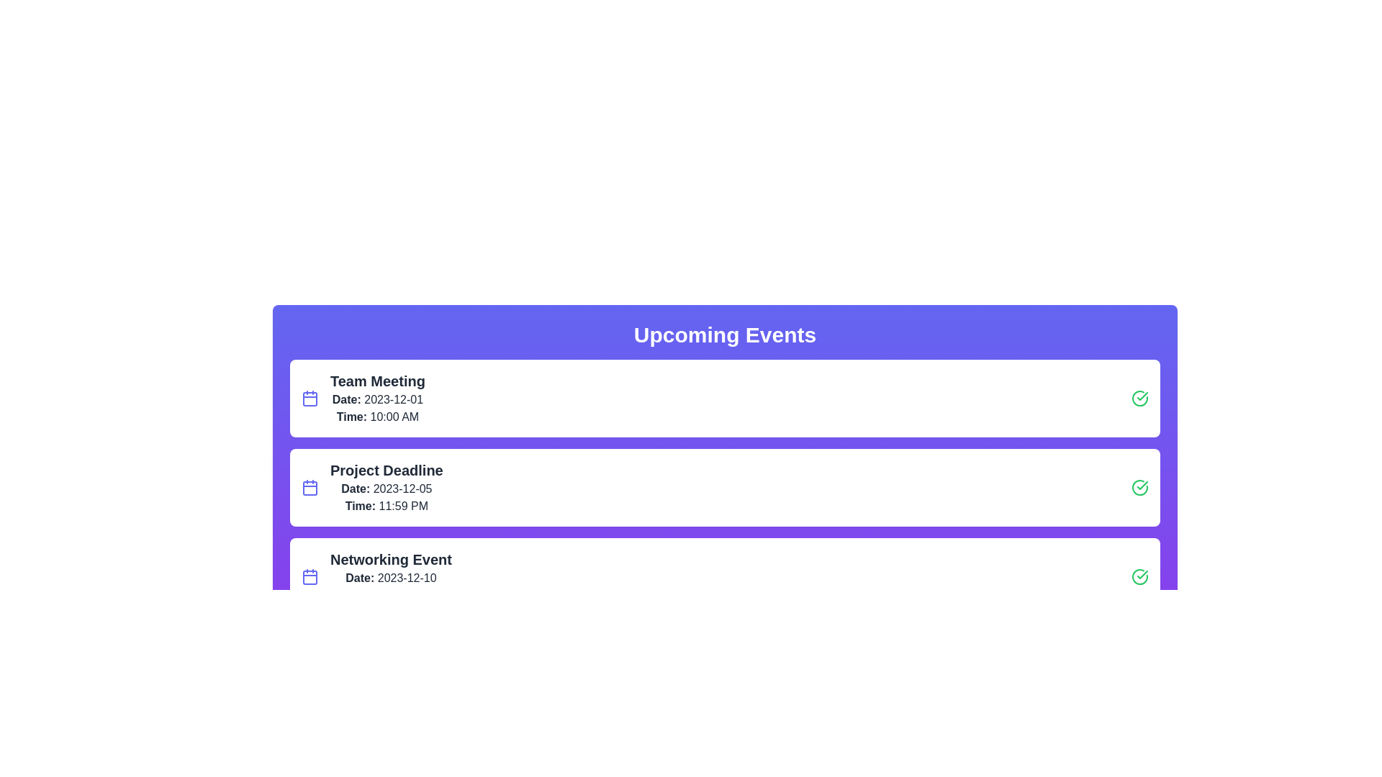 Image resolution: width=1382 pixels, height=777 pixels. I want to click on the Header text element that indicates the purpose of the Upcoming Events section, so click(725, 335).